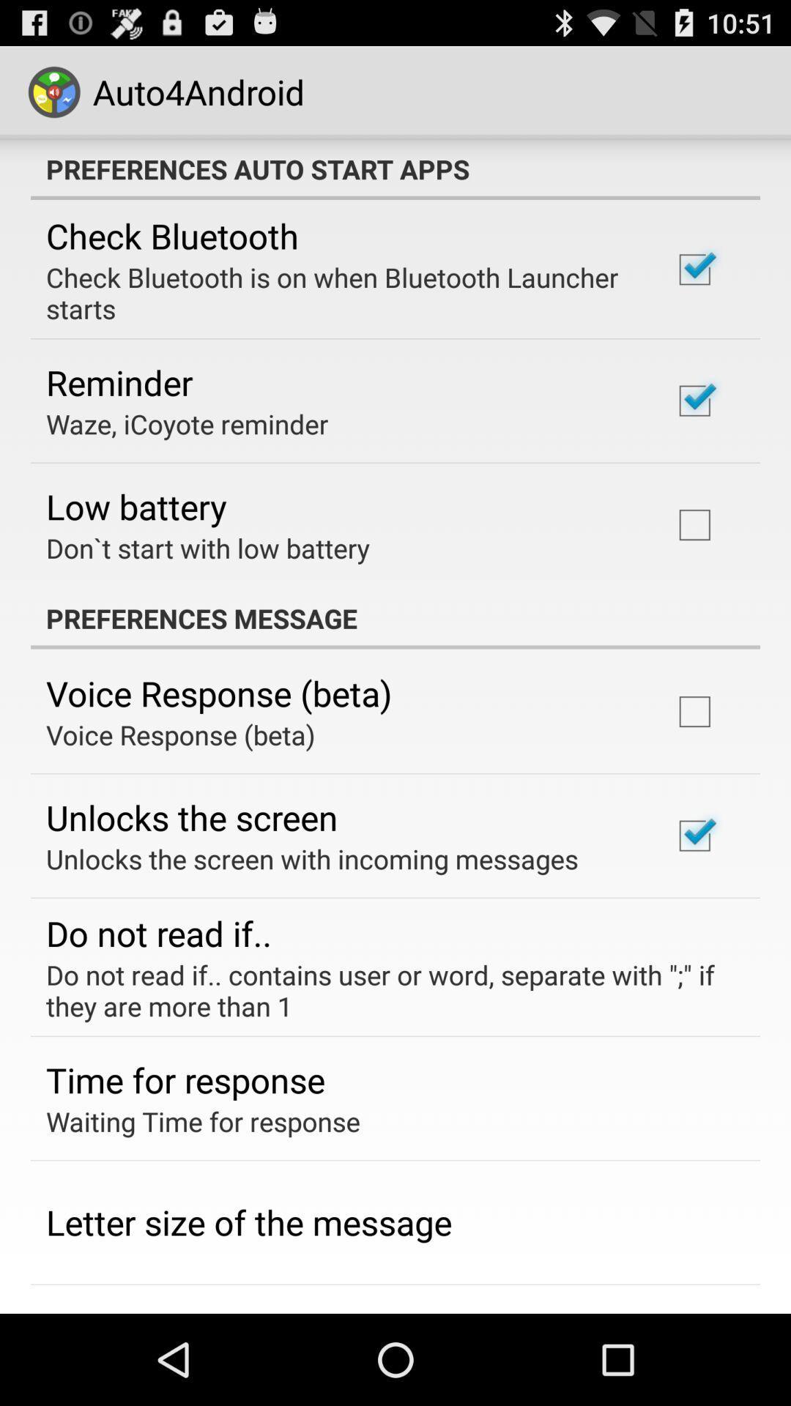 The image size is (791, 1406). What do you see at coordinates (395, 618) in the screenshot?
I see `app below the don t start app` at bounding box center [395, 618].